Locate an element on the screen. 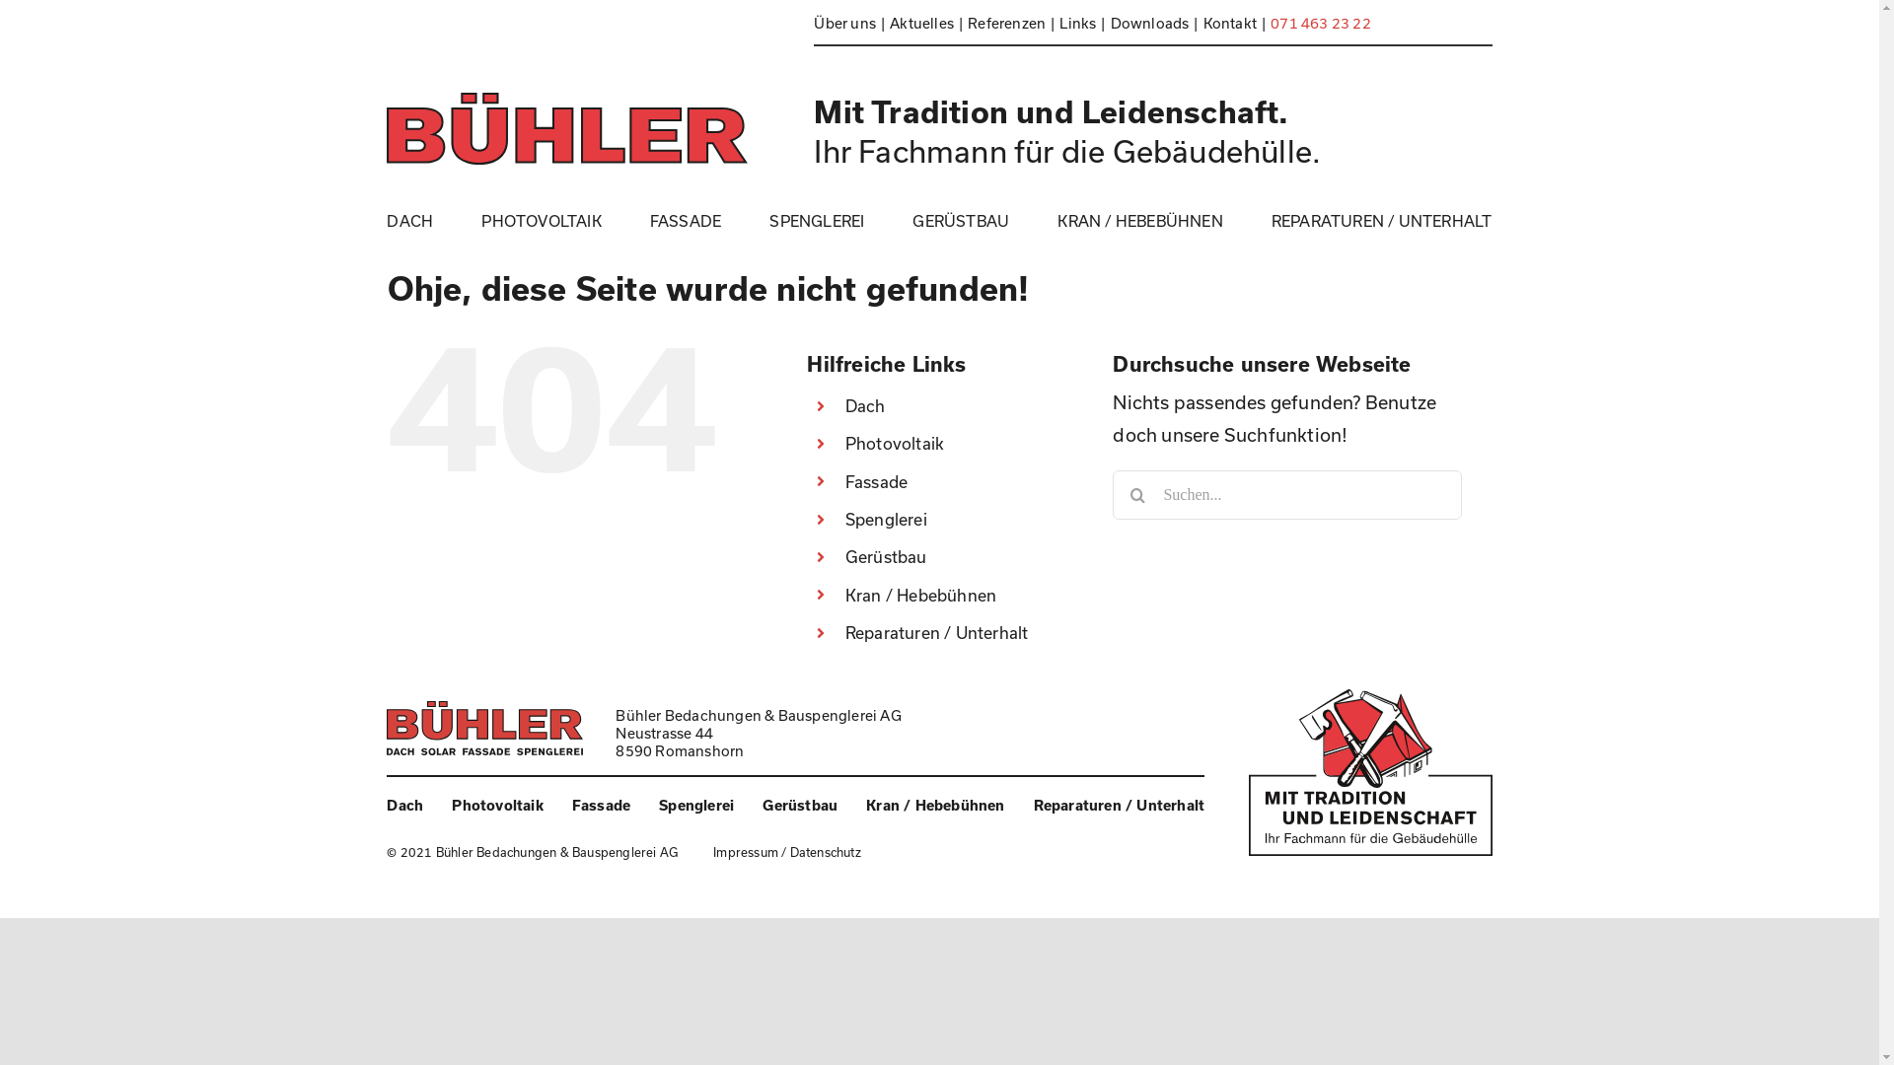 This screenshot has height=1065, width=1894. 'Datenschutz' is located at coordinates (825, 851).